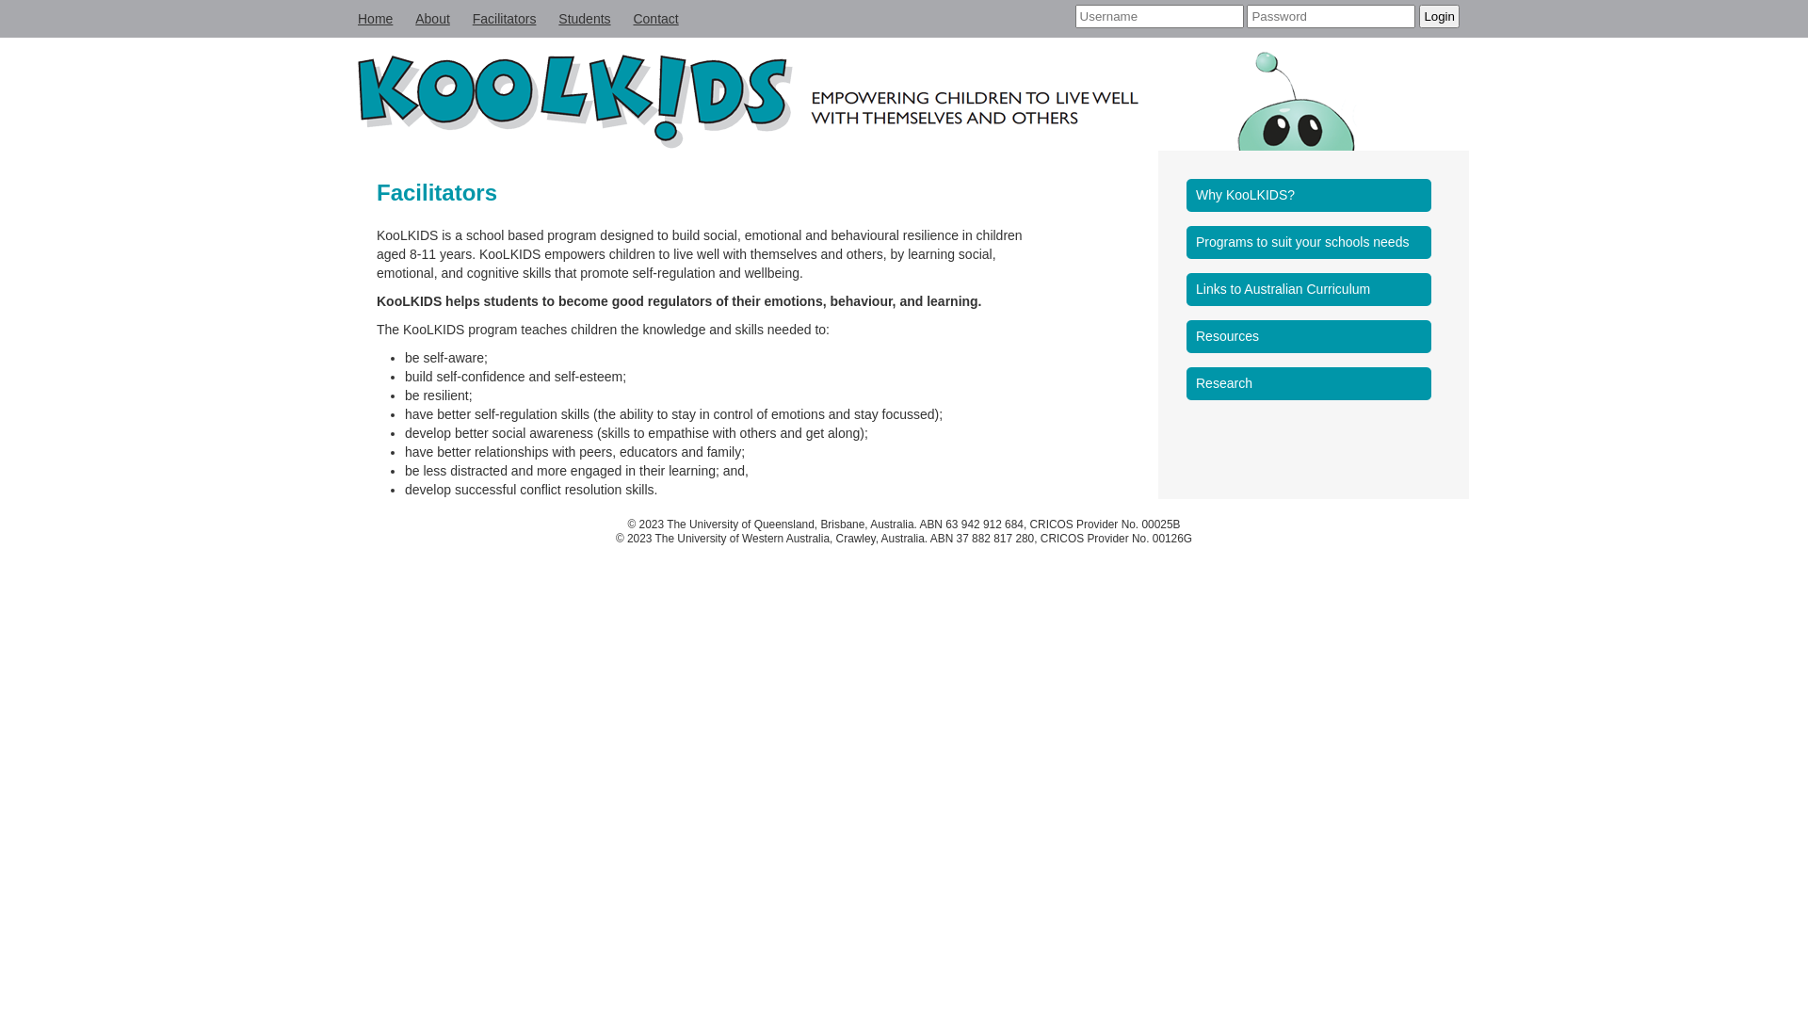  What do you see at coordinates (1419, 16) in the screenshot?
I see `'Login'` at bounding box center [1419, 16].